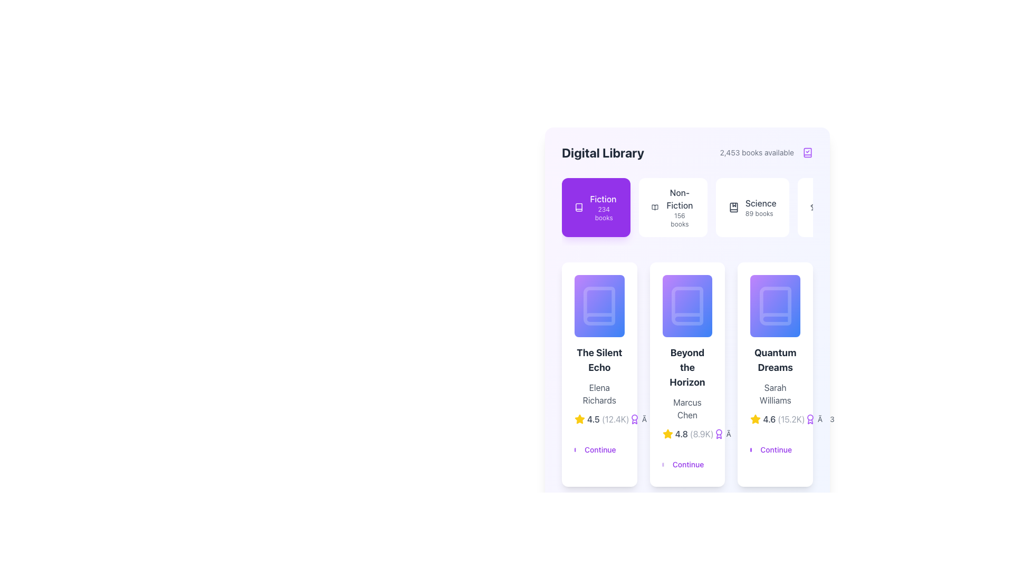  Describe the element at coordinates (599, 446) in the screenshot. I see `the purple-colored text label that reads 'Continue' at the bottom center of the card displaying details about the book 'The Silent Echo'` at that location.